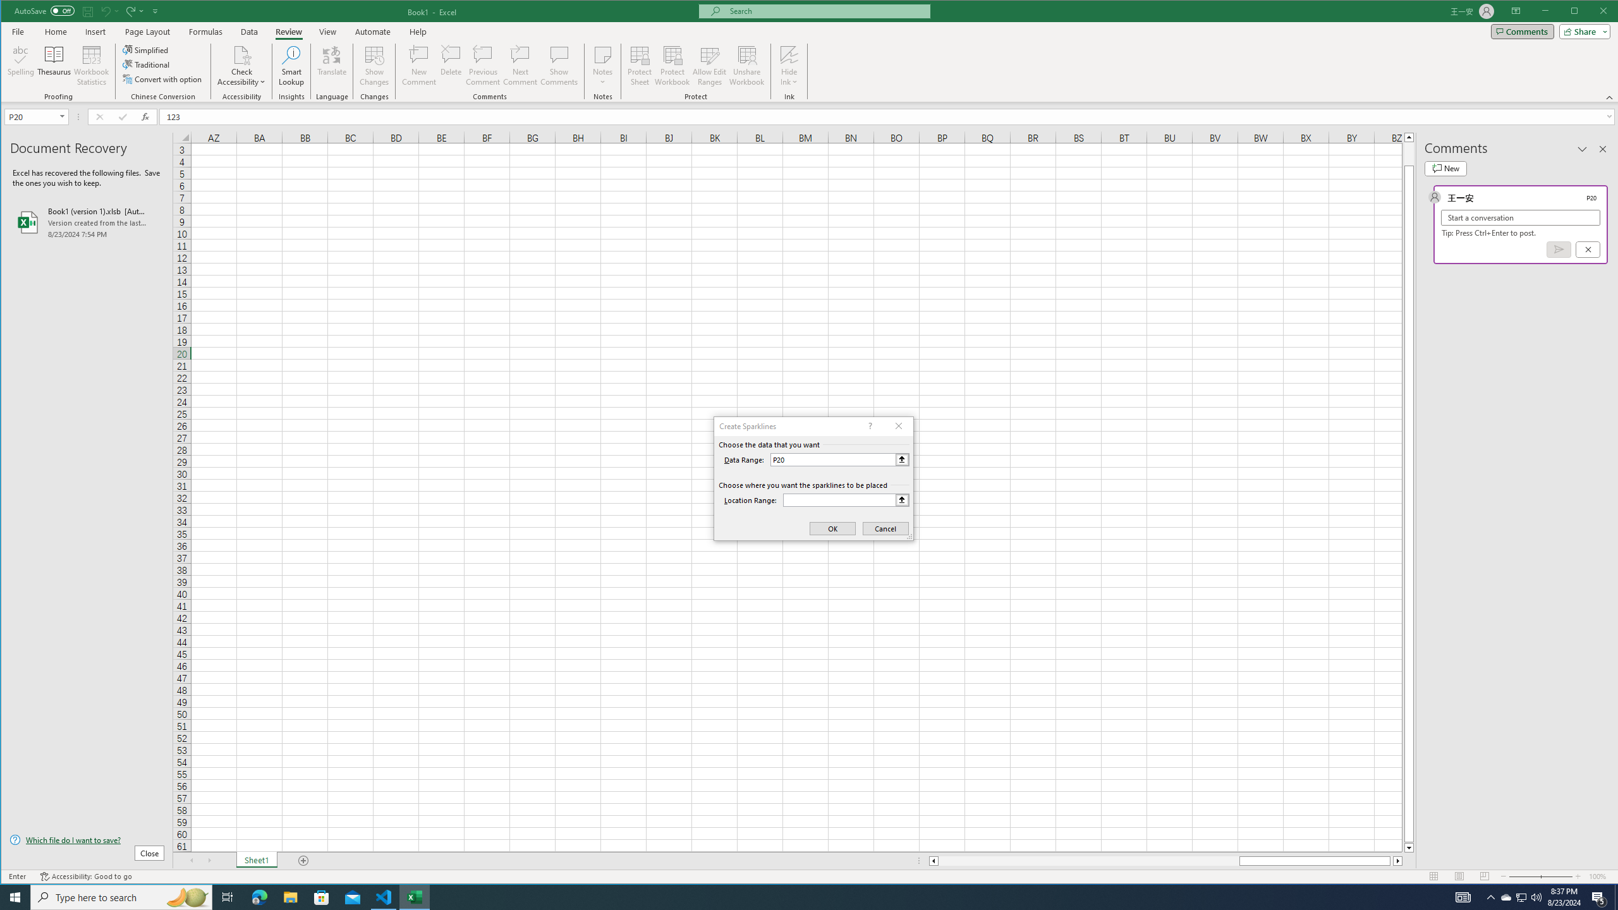  Describe the element at coordinates (824, 11) in the screenshot. I see `'Microsoft search'` at that location.